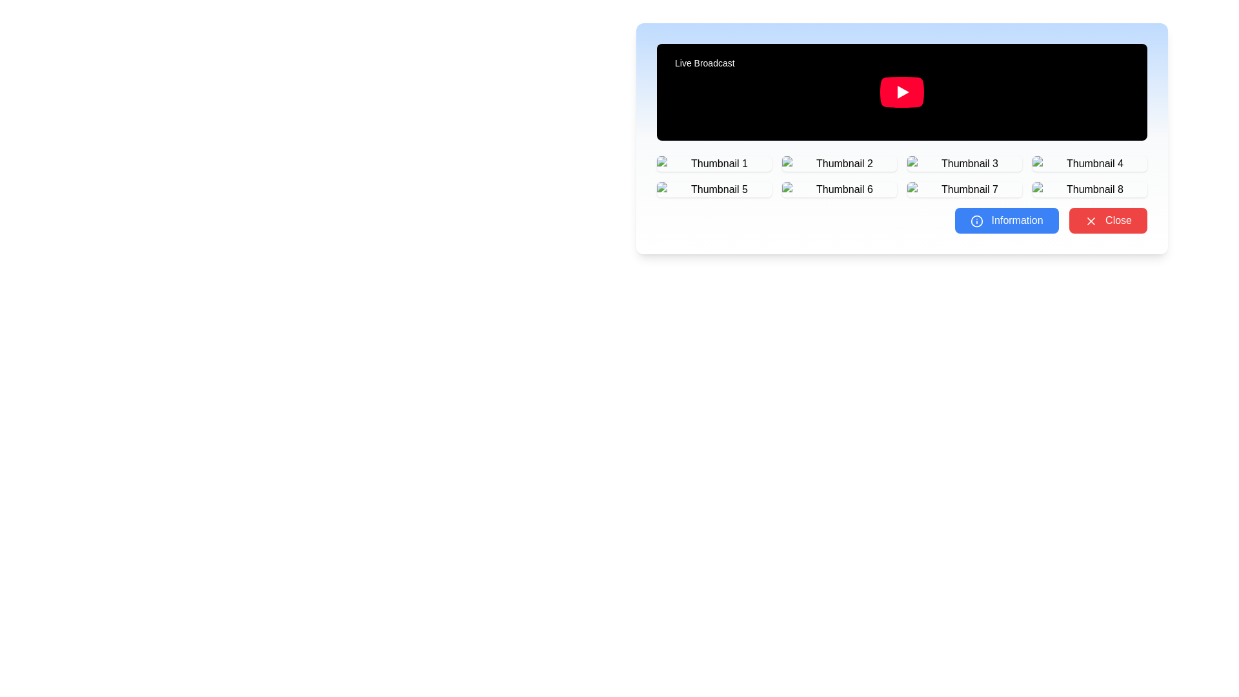 This screenshot has height=697, width=1239. Describe the element at coordinates (839, 163) in the screenshot. I see `the second thumbnail labeled 'Thumbnail 2' in the grid` at that location.